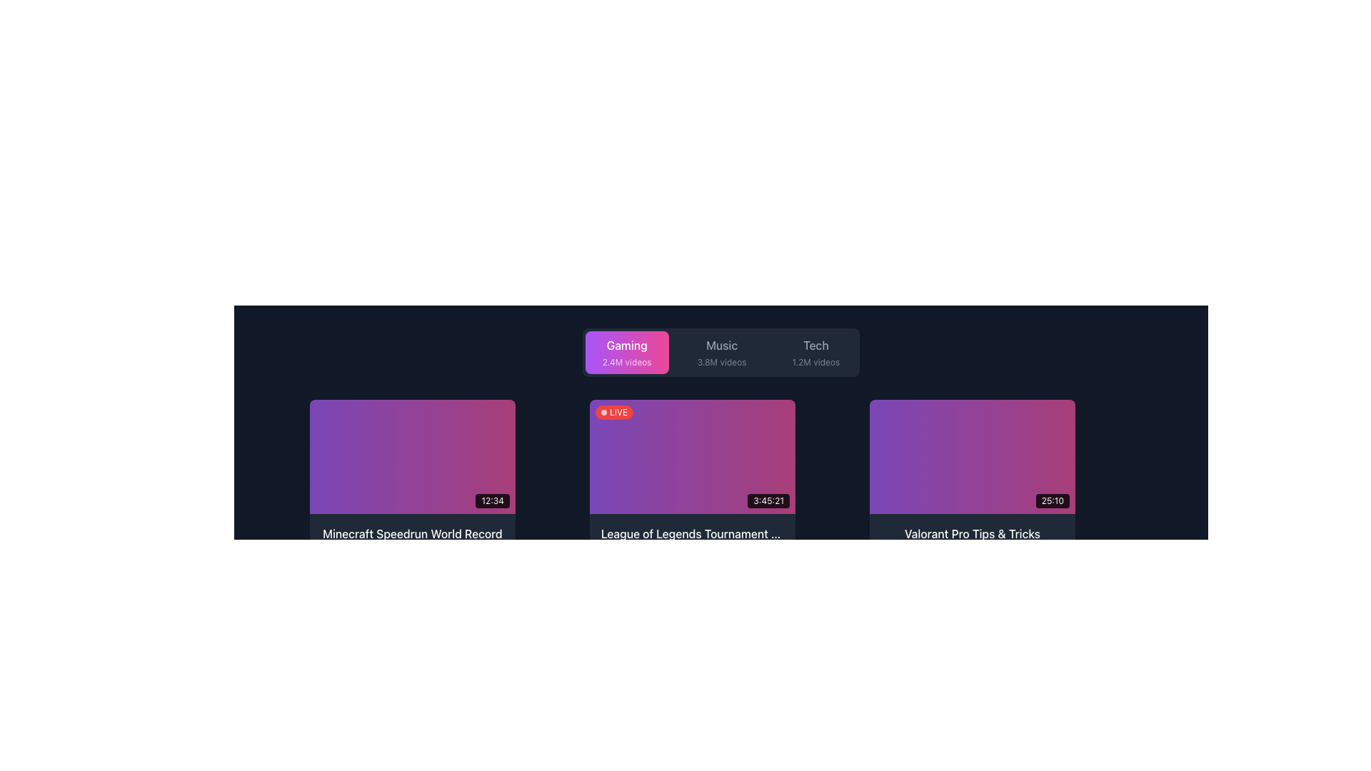  Describe the element at coordinates (722, 352) in the screenshot. I see `the button labeled 'Music' in the navigational menu` at that location.